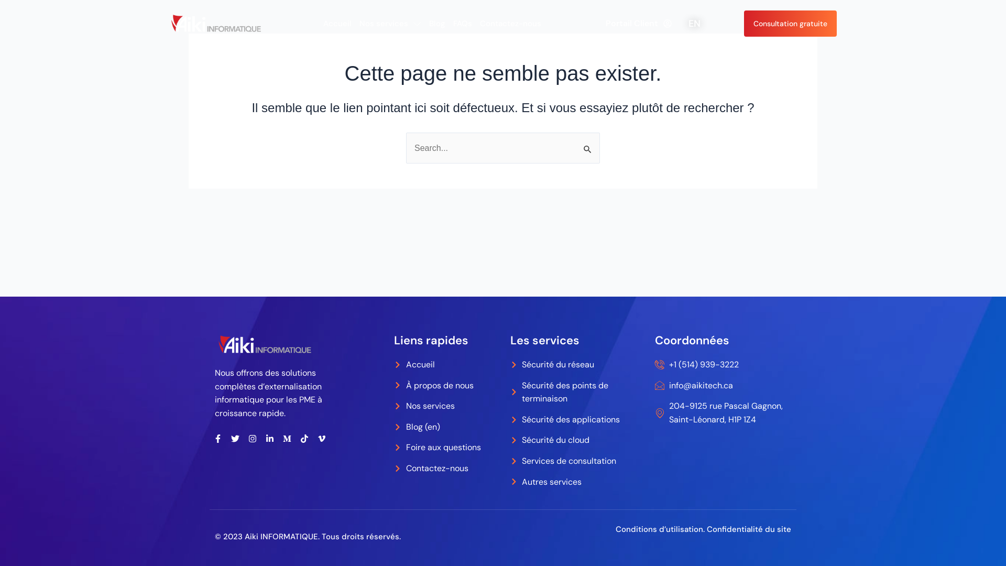 The image size is (1006, 566). What do you see at coordinates (790, 24) in the screenshot?
I see `'Consultation gratuite'` at bounding box center [790, 24].